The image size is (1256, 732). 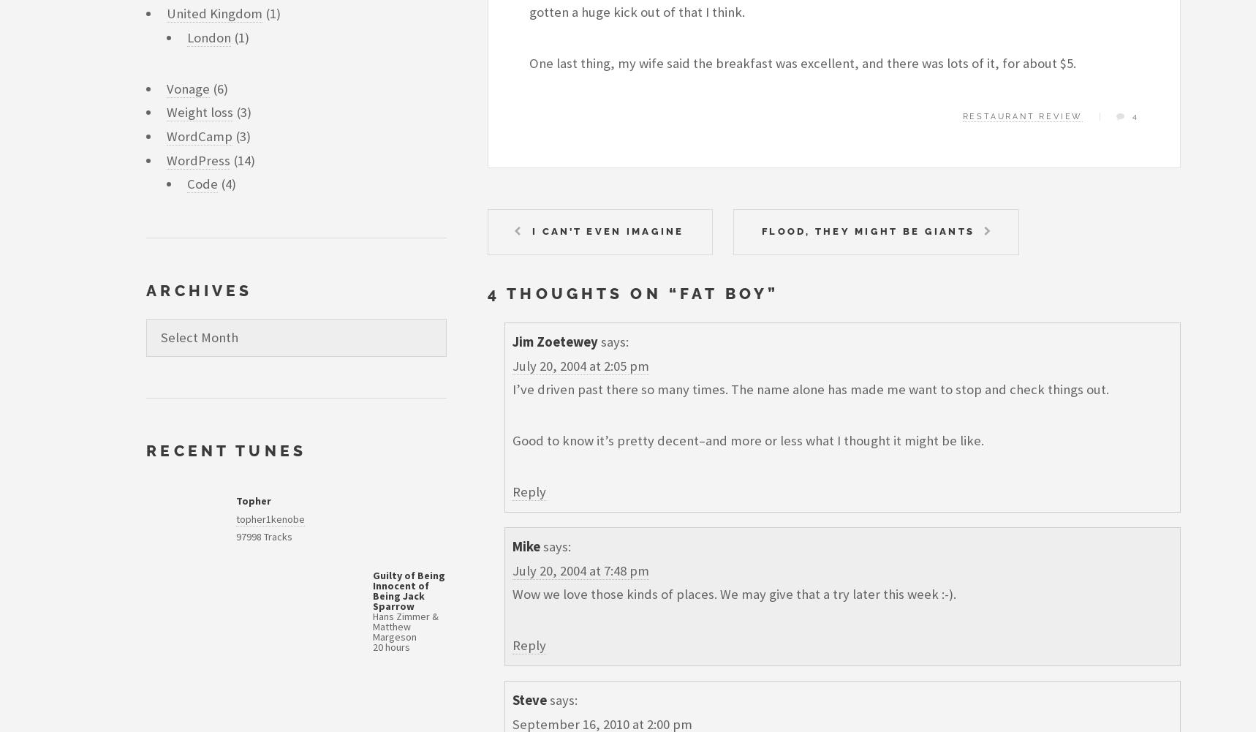 What do you see at coordinates (210, 87) in the screenshot?
I see `'(6)'` at bounding box center [210, 87].